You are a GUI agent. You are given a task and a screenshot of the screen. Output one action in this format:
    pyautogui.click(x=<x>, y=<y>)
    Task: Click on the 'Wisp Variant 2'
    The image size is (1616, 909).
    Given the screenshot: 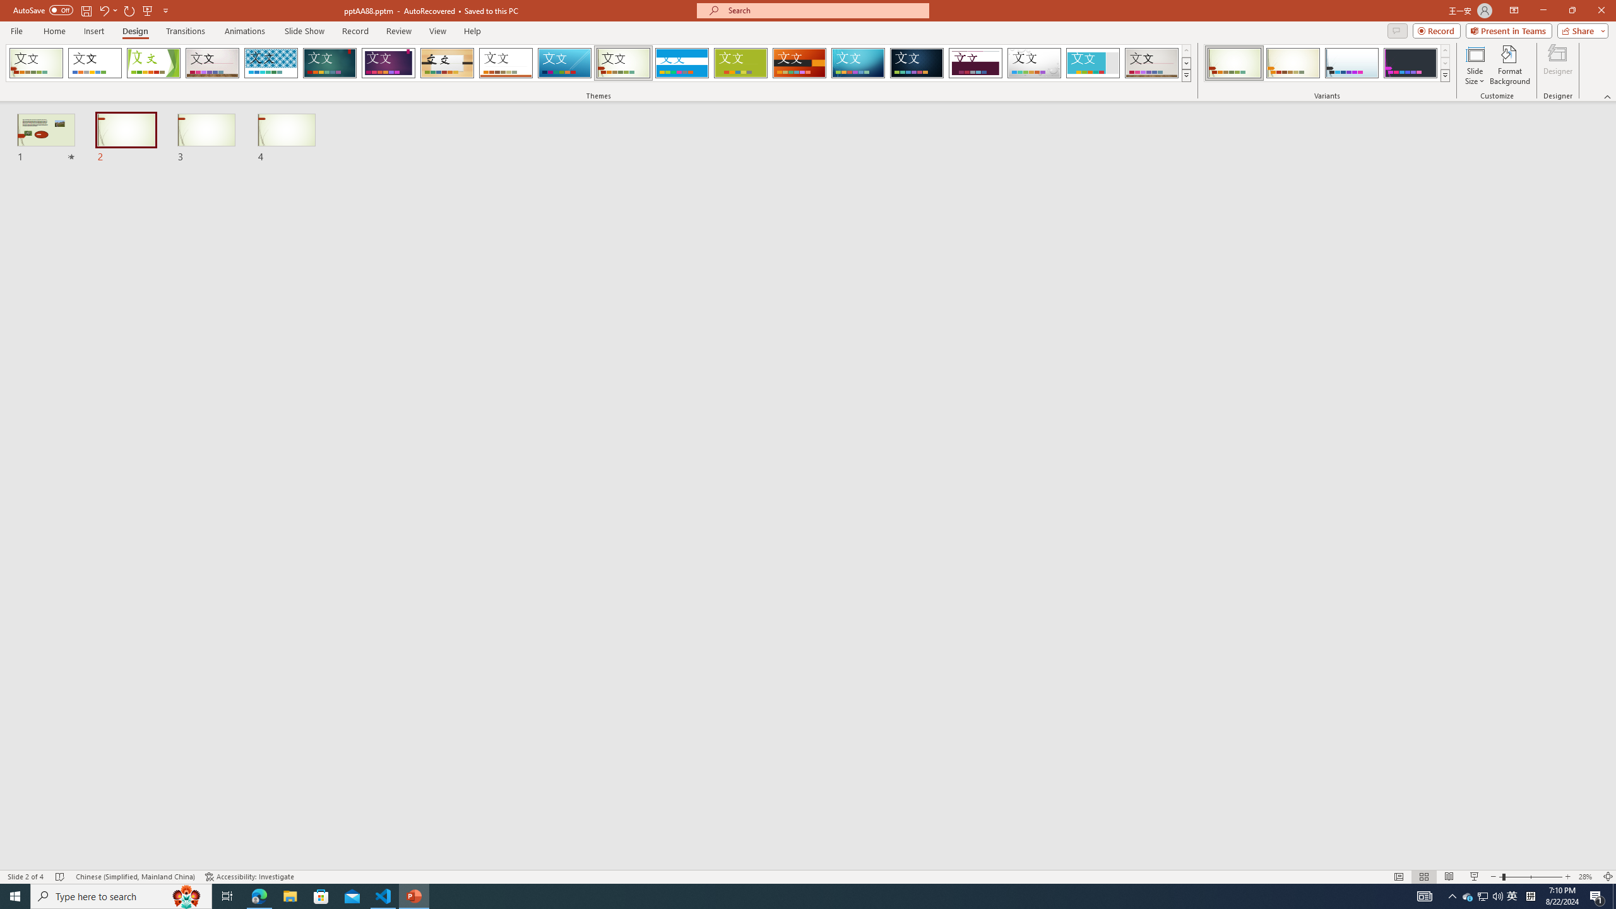 What is the action you would take?
    pyautogui.click(x=1292, y=62)
    